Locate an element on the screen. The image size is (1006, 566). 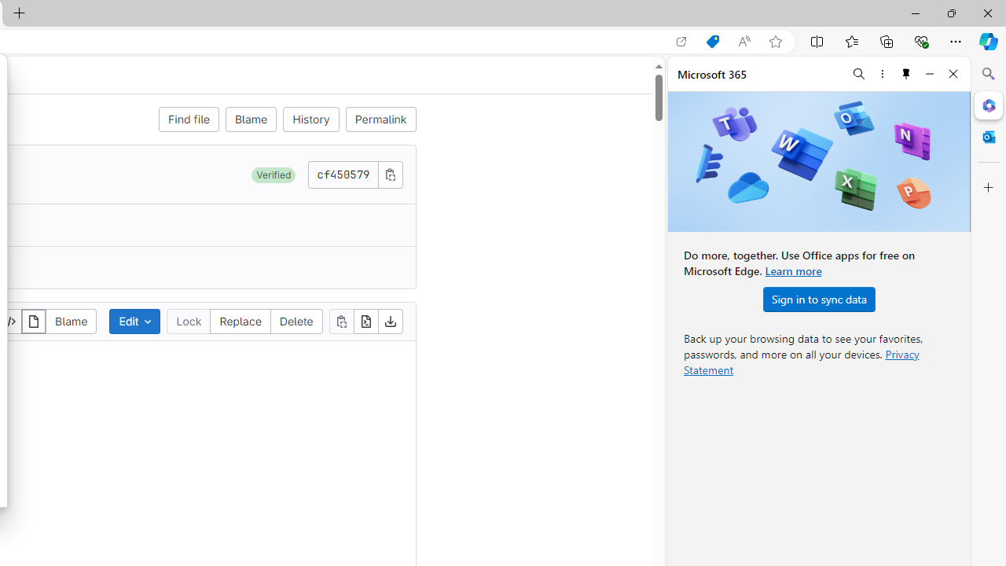
'Restore' is located at coordinates (950, 13).